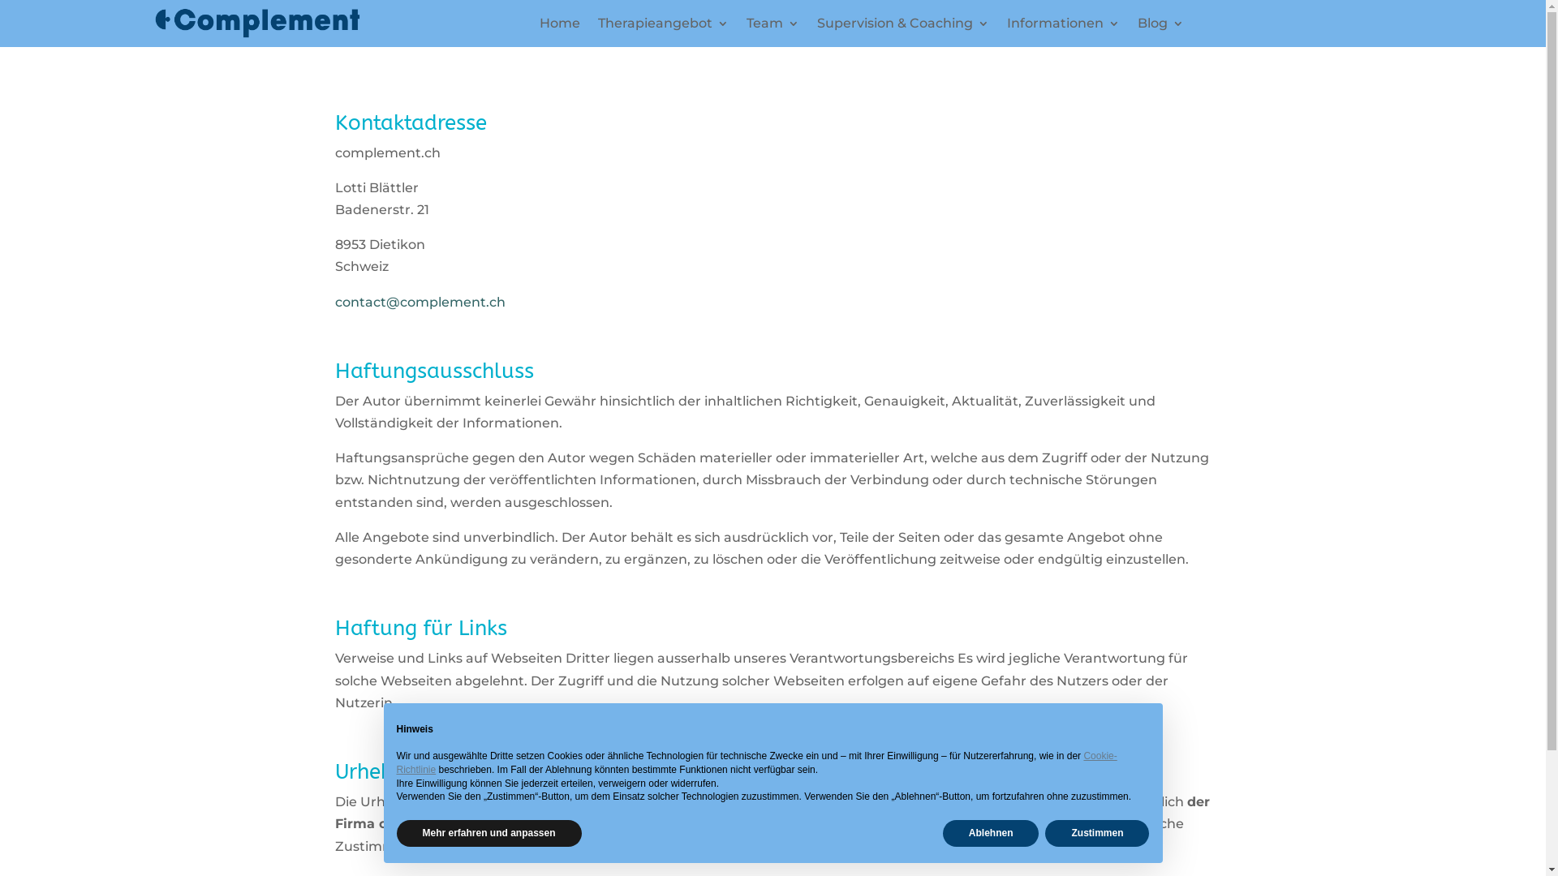 The image size is (1558, 876). Describe the element at coordinates (663, 27) in the screenshot. I see `'Therapieangebot'` at that location.